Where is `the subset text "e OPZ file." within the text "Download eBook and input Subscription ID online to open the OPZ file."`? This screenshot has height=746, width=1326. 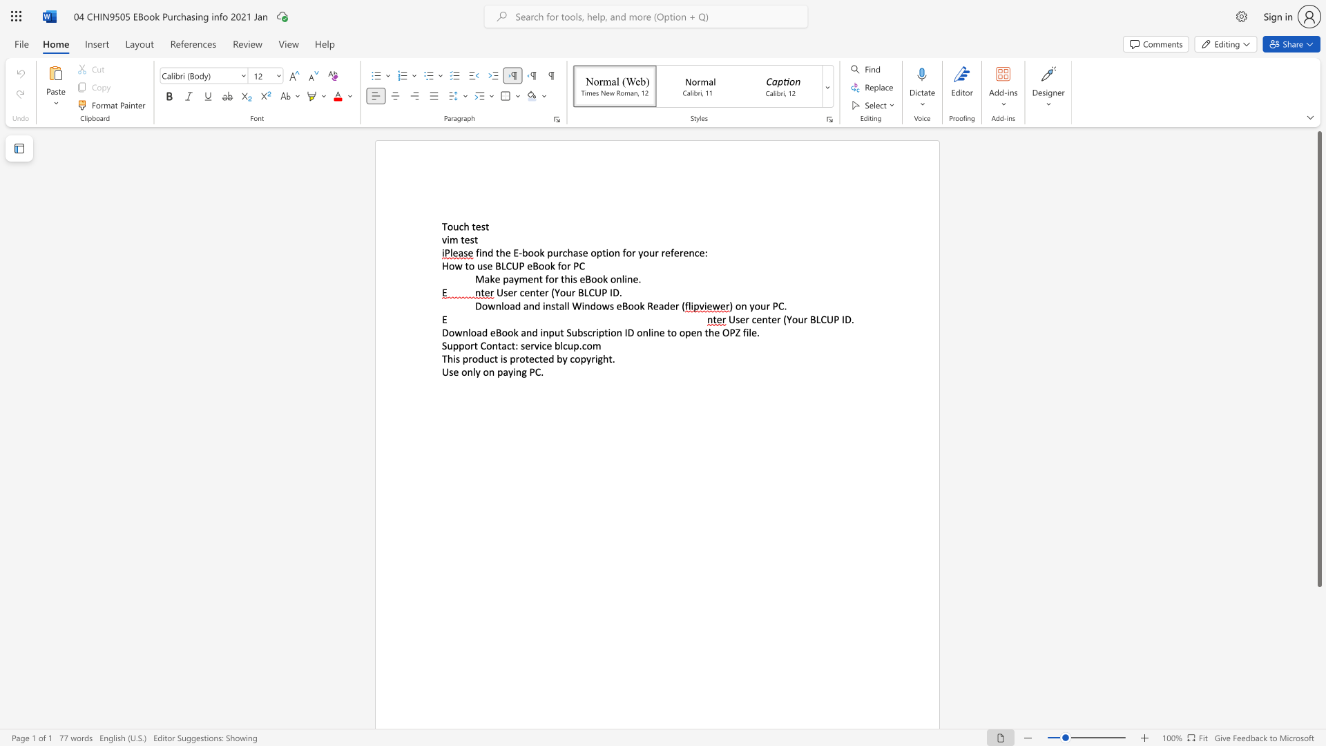 the subset text "e OPZ file." within the text "Download eBook and input Subscription ID online to open the OPZ file." is located at coordinates (714, 332).